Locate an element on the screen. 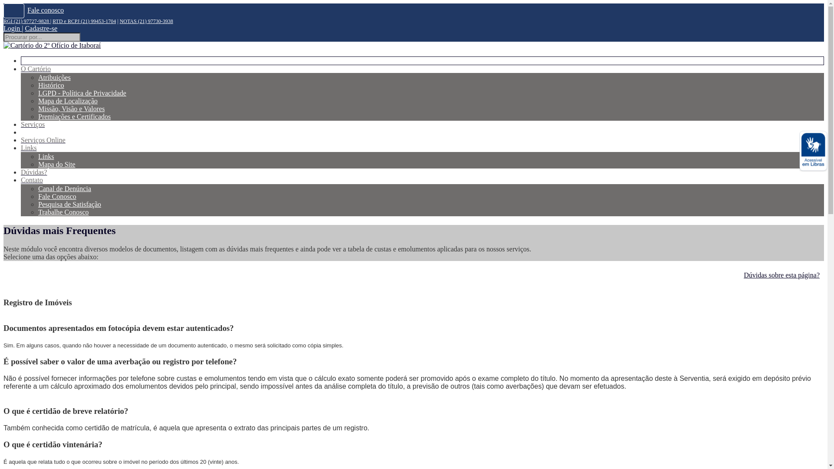 The width and height of the screenshot is (834, 469). 'Contato' is located at coordinates (32, 179).